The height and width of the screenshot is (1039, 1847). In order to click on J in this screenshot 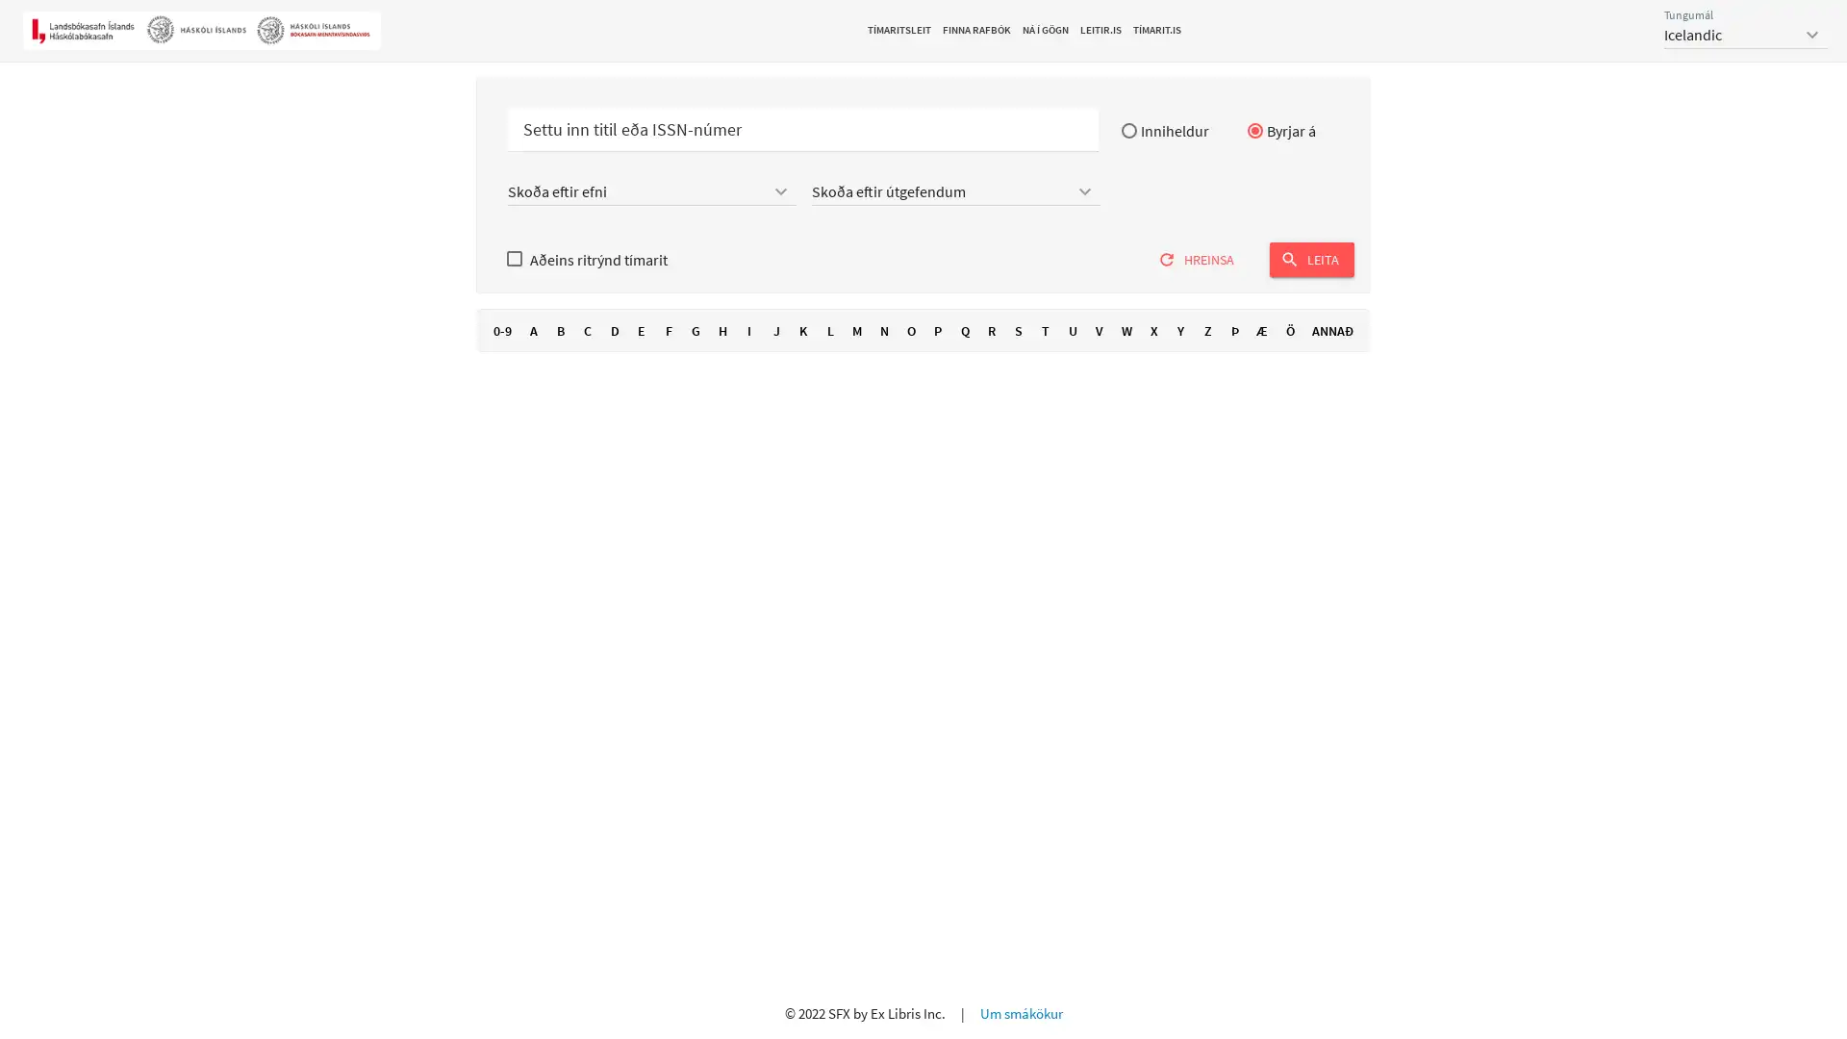, I will do `click(775, 329)`.